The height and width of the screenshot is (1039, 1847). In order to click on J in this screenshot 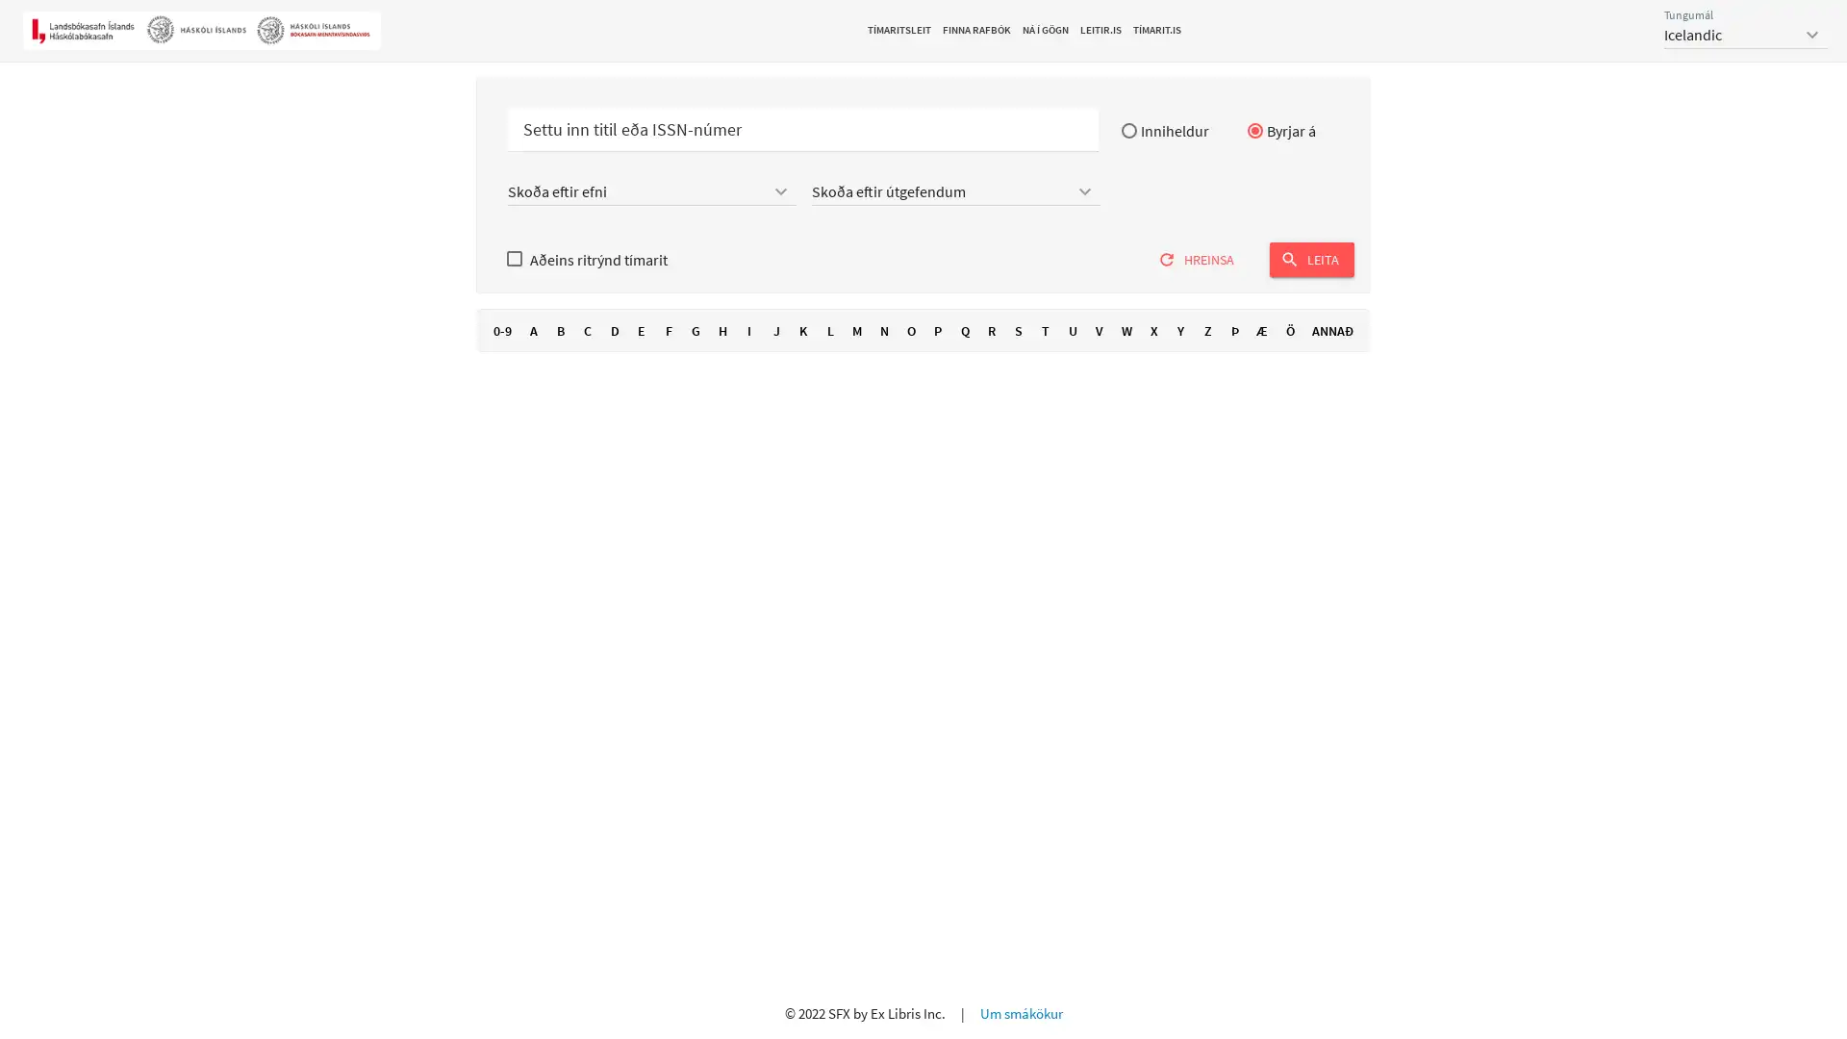, I will do `click(775, 329)`.